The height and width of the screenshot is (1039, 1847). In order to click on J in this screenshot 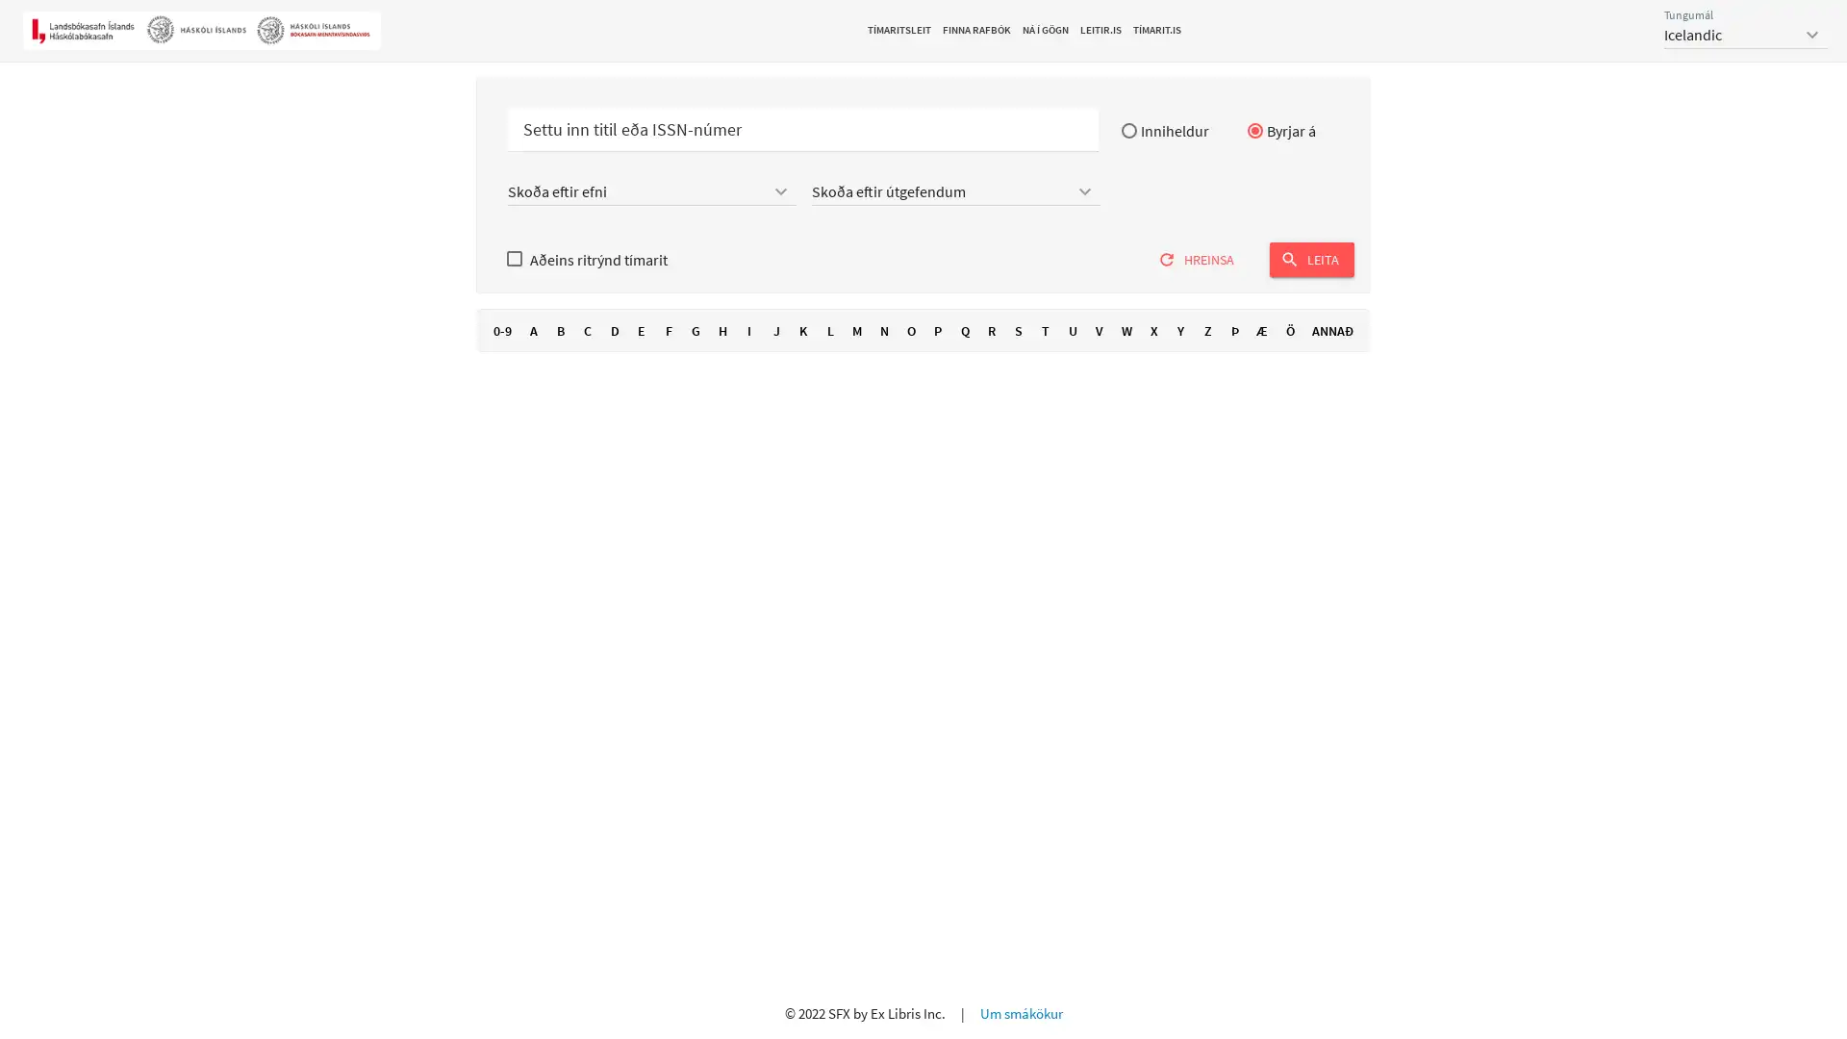, I will do `click(775, 329)`.